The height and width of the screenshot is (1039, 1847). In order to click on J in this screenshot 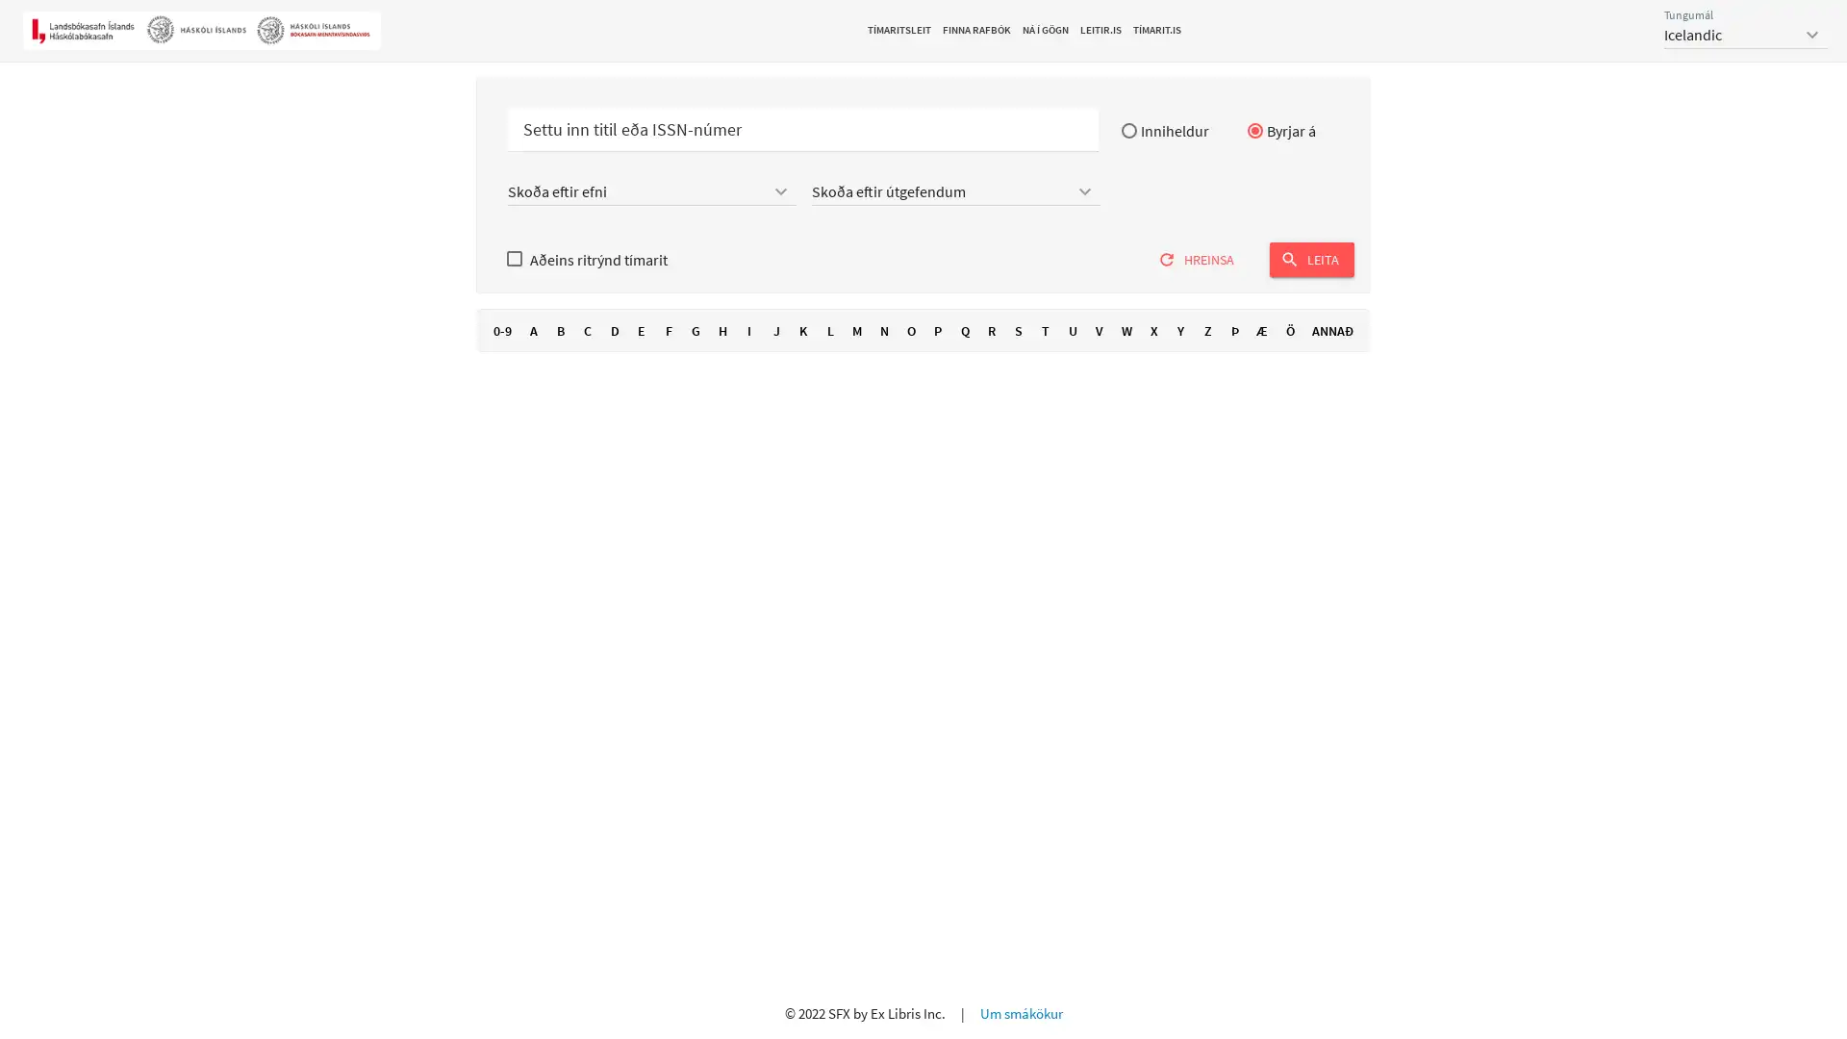, I will do `click(775, 329)`.